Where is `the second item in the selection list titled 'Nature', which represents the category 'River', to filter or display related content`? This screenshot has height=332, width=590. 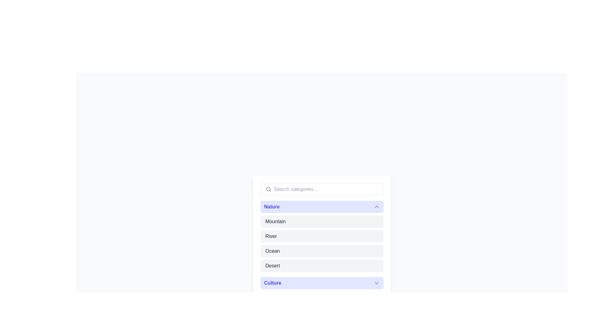 the second item in the selection list titled 'Nature', which represents the category 'River', to filter or display related content is located at coordinates (321, 236).